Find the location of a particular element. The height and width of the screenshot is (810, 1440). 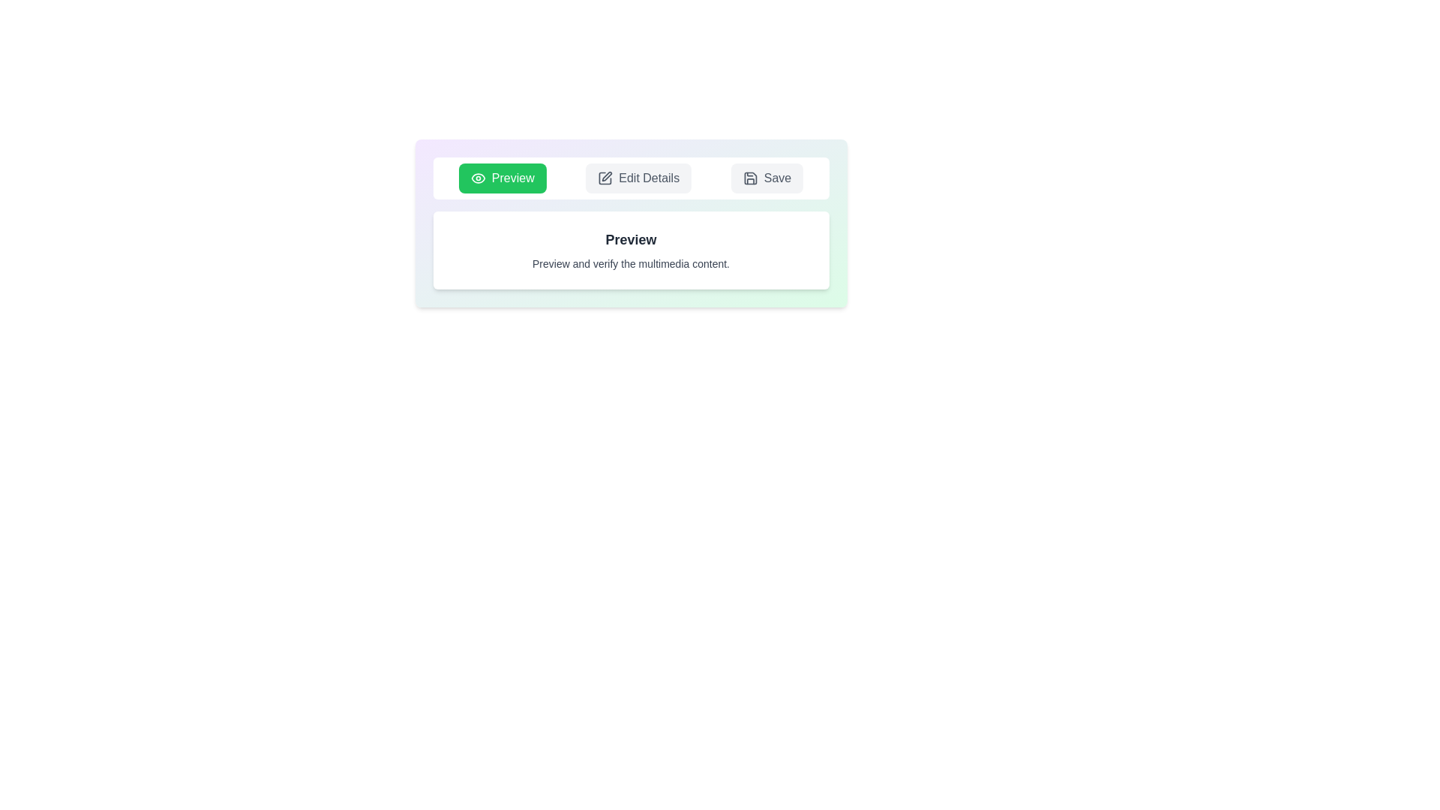

the tab named Preview to select its text is located at coordinates (502, 178).